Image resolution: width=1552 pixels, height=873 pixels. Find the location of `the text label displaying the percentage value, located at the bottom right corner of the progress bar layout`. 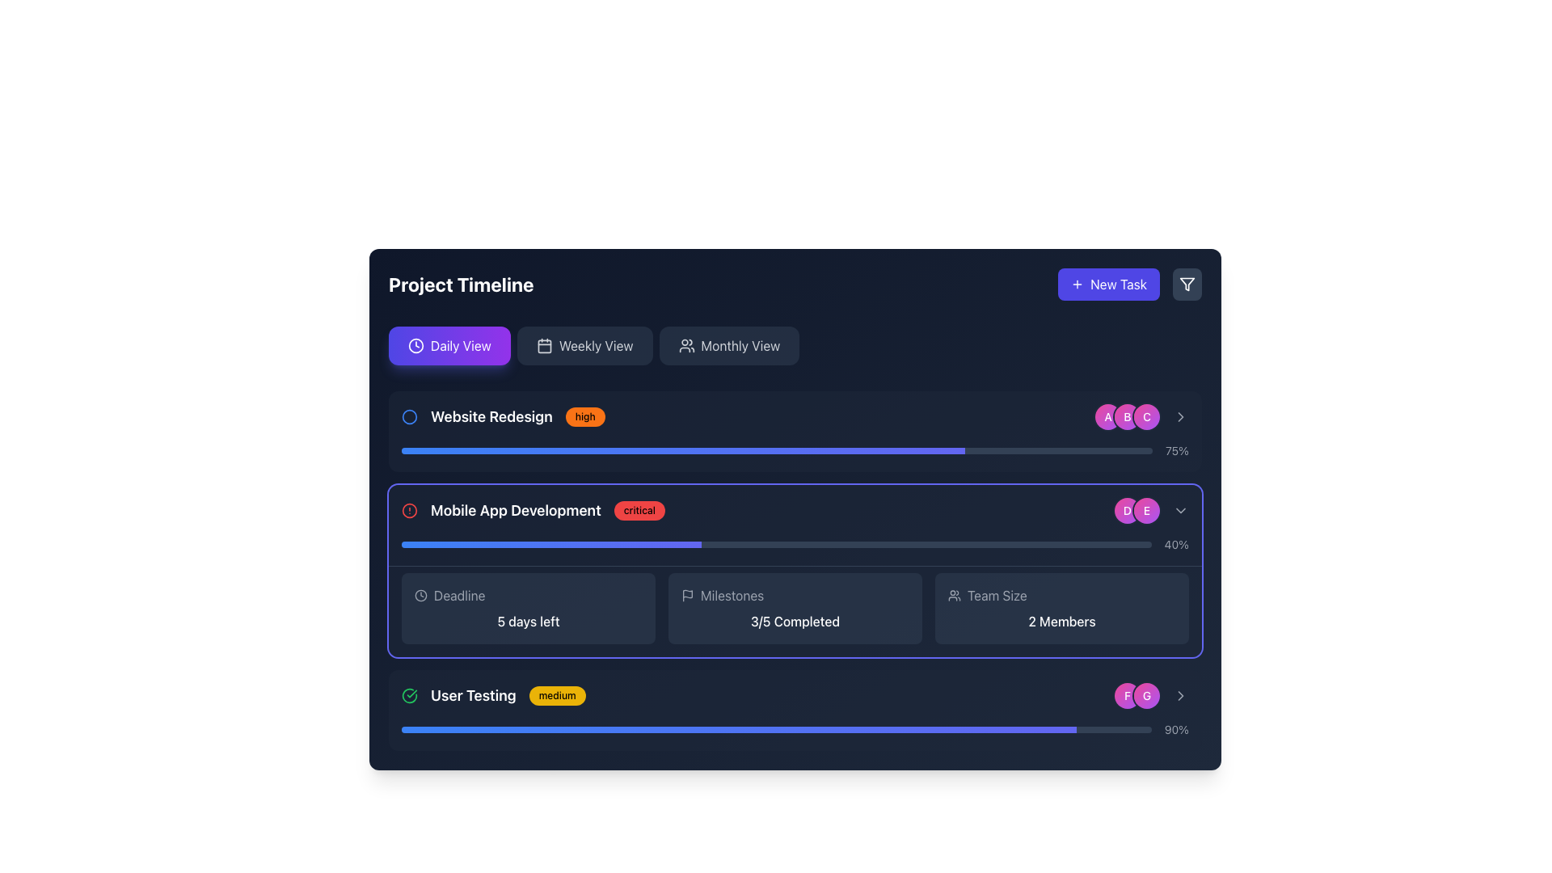

the text label displaying the percentage value, located at the bottom right corner of the progress bar layout is located at coordinates (1176, 729).